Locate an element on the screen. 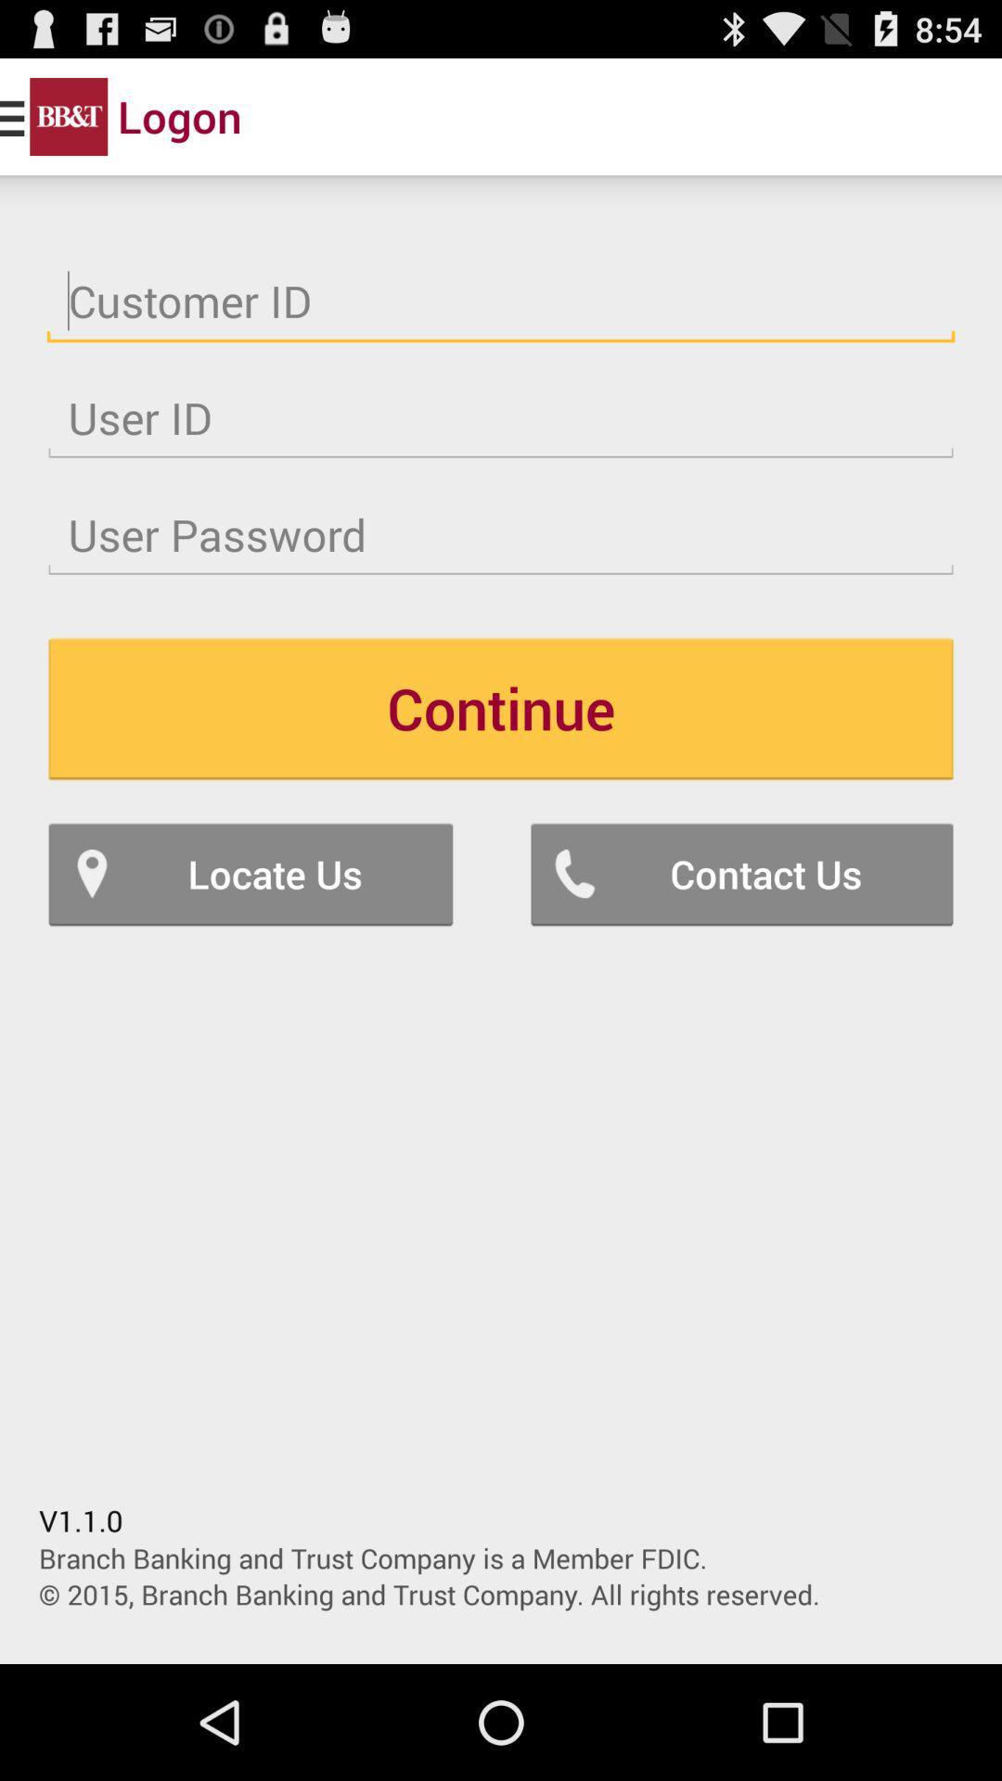  the button to the left of contact us is located at coordinates (250, 873).